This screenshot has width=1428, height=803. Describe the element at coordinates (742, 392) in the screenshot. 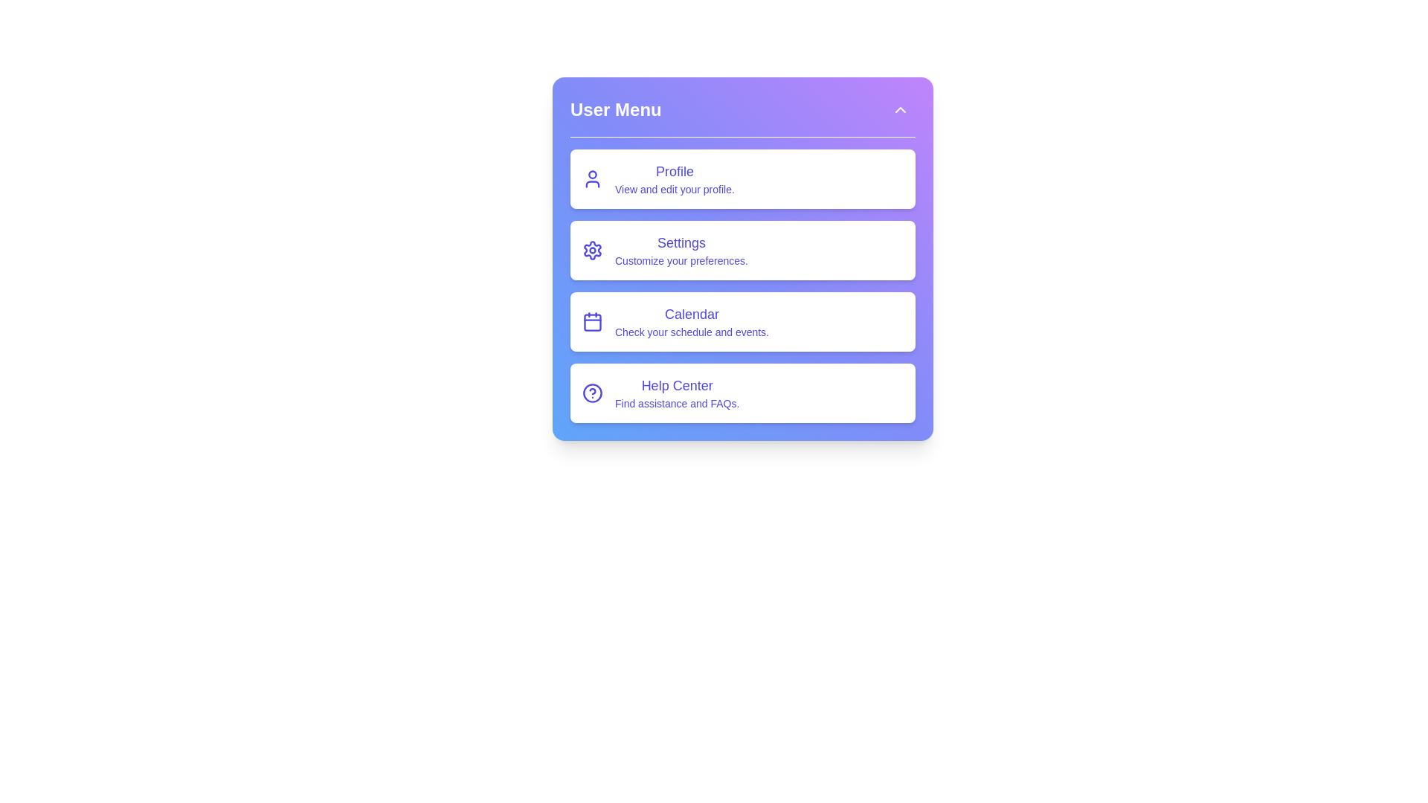

I see `the menu option Help Center to navigate or interact with its functionality` at that location.